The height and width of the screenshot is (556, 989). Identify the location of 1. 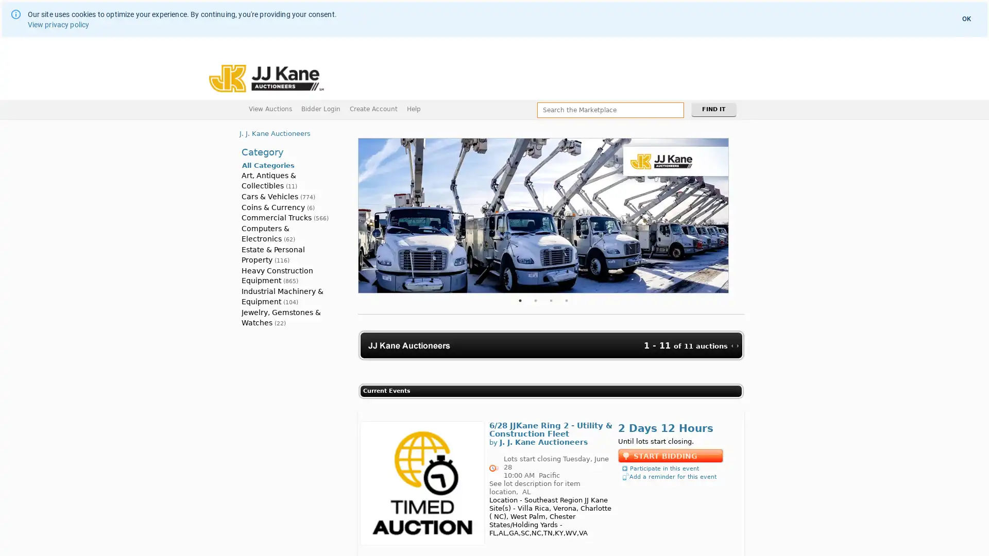
(520, 300).